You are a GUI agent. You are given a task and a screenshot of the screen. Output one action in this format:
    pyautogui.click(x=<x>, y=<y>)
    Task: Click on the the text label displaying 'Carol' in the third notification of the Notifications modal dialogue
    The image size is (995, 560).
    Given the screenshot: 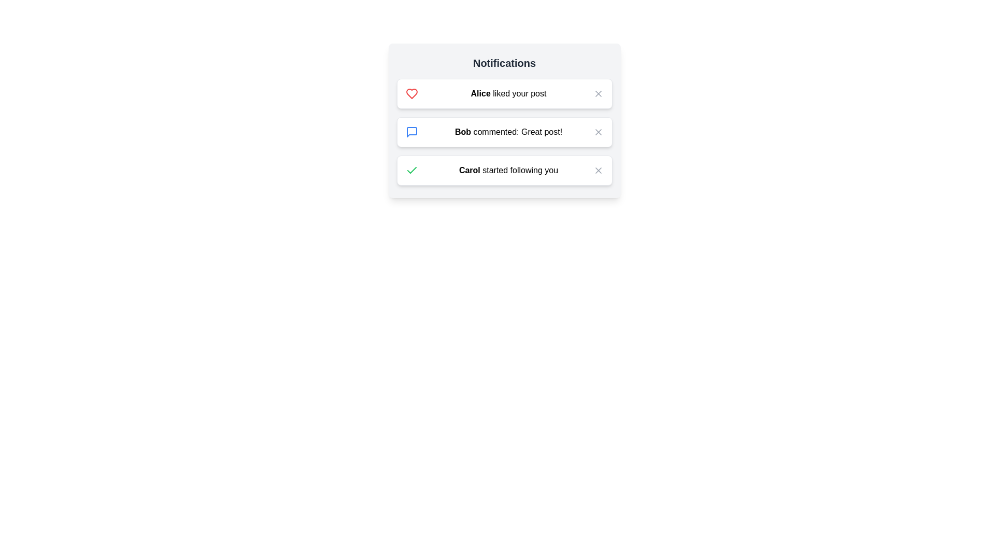 What is the action you would take?
    pyautogui.click(x=469, y=170)
    